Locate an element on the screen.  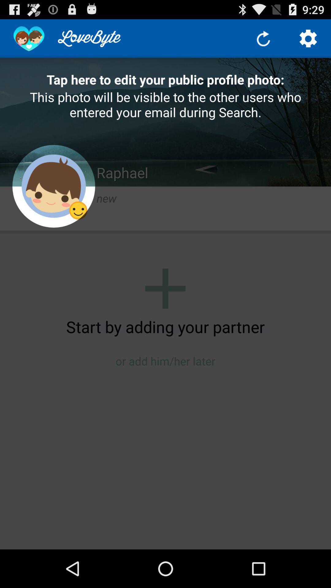
icon below the start by adding icon is located at coordinates (165, 361).